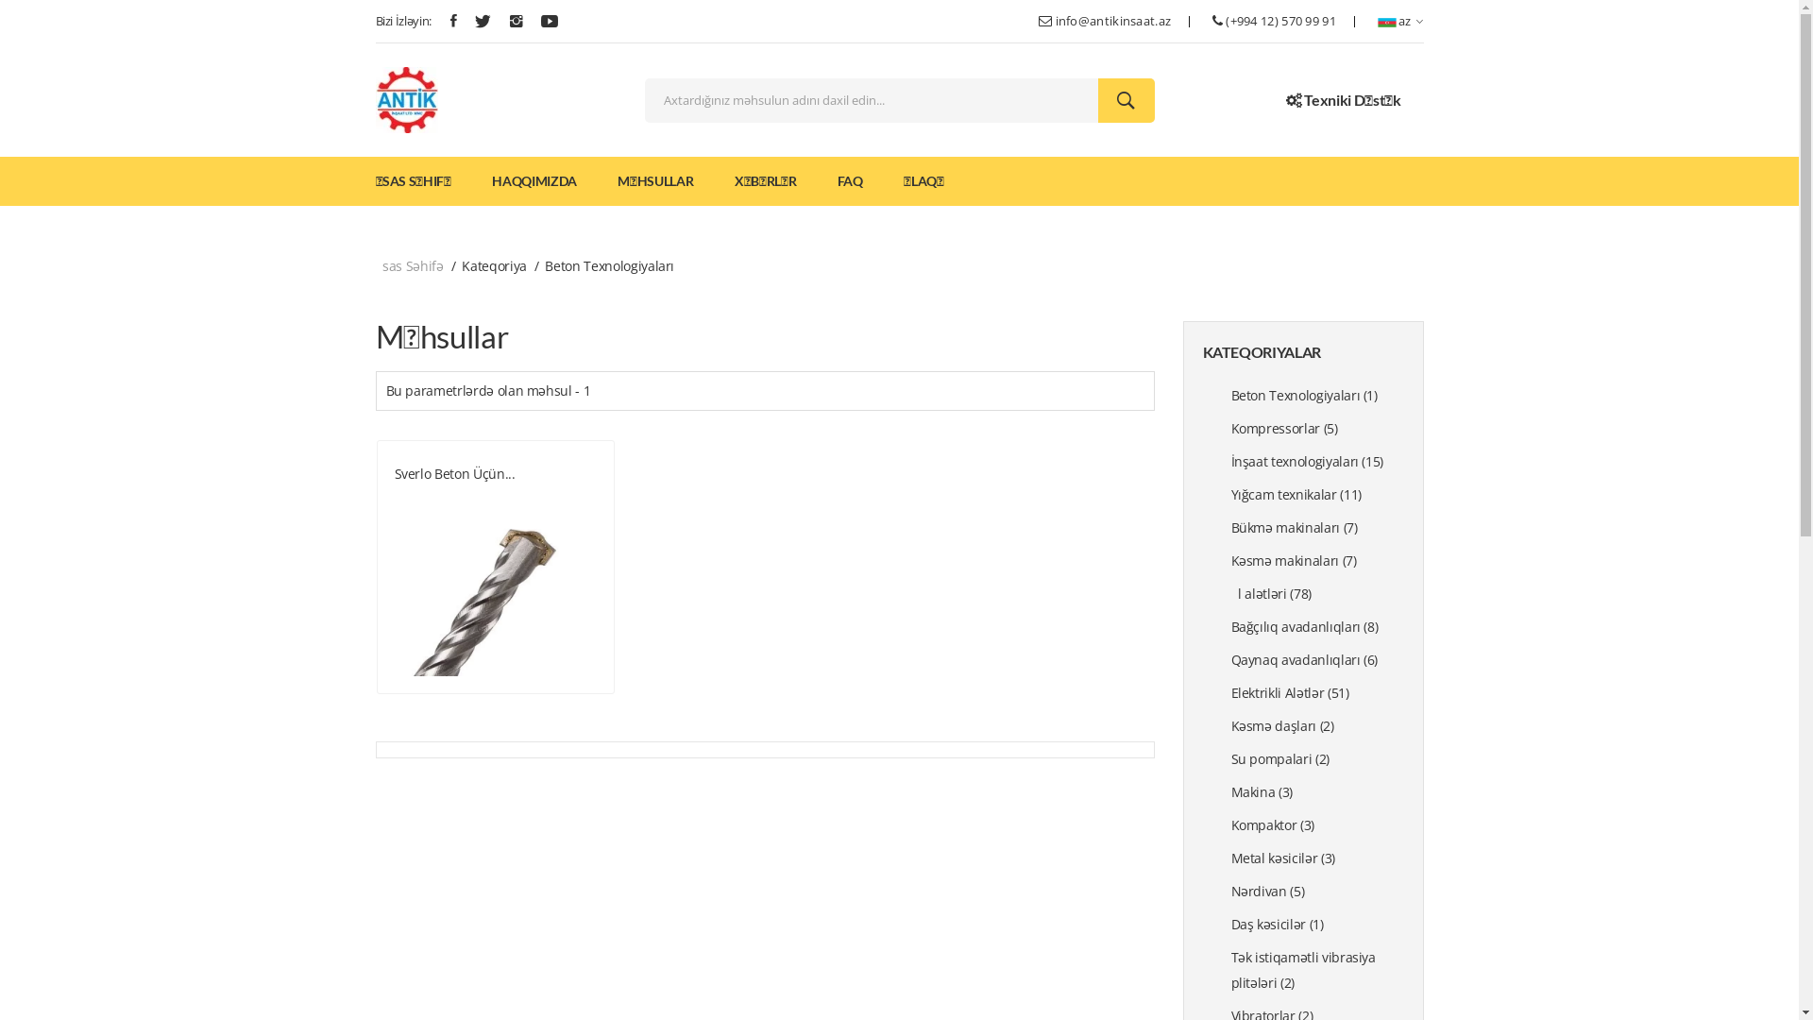 This screenshot has height=1020, width=1813. Describe the element at coordinates (1316, 791) in the screenshot. I see `'Makina (3)'` at that location.